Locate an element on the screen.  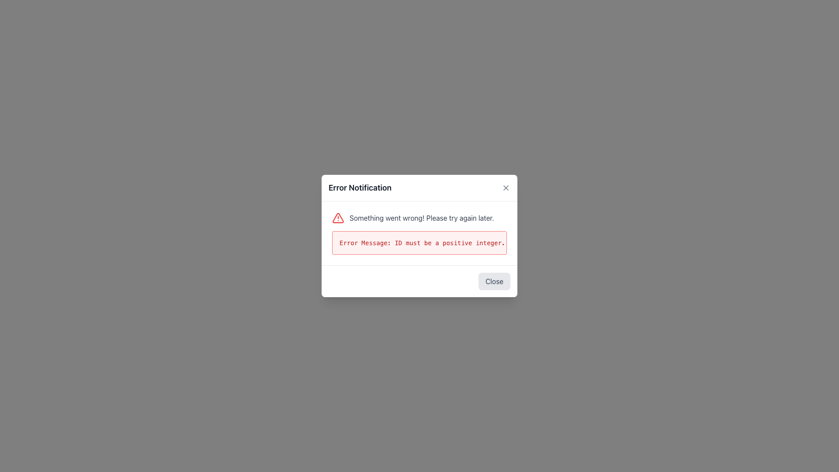
visual warning indicator icon located to the left of the error message 'Something went wrong! Please try again later.' in the notification box is located at coordinates (337, 217).